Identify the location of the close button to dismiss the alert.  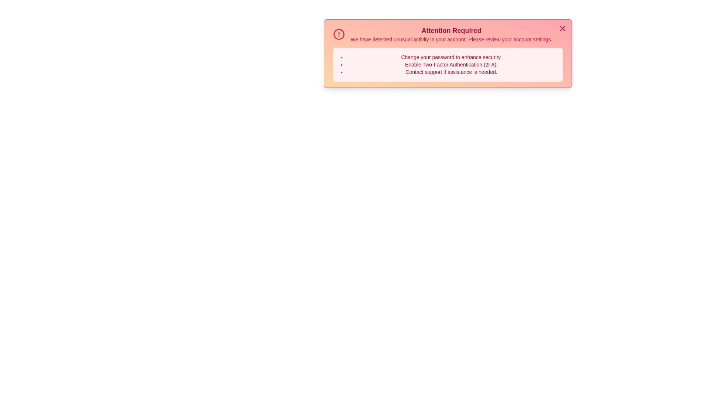
(562, 28).